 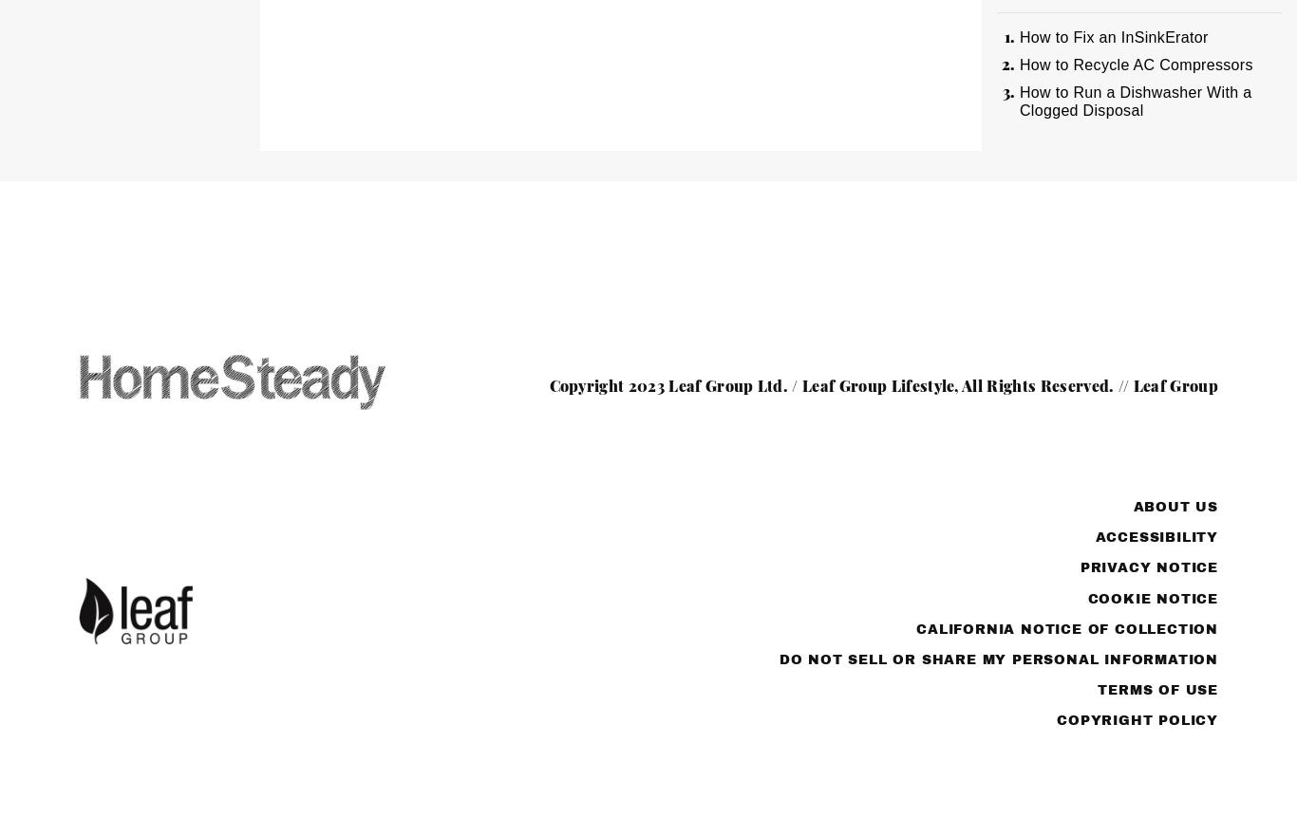 I want to click on 'How to Fix an InSinkErator', so click(x=1113, y=36).